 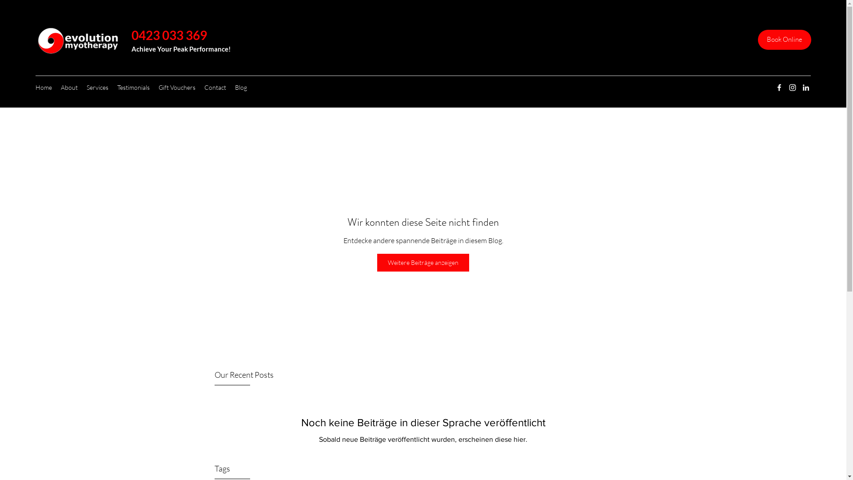 I want to click on 'Testimonials', so click(x=133, y=87).